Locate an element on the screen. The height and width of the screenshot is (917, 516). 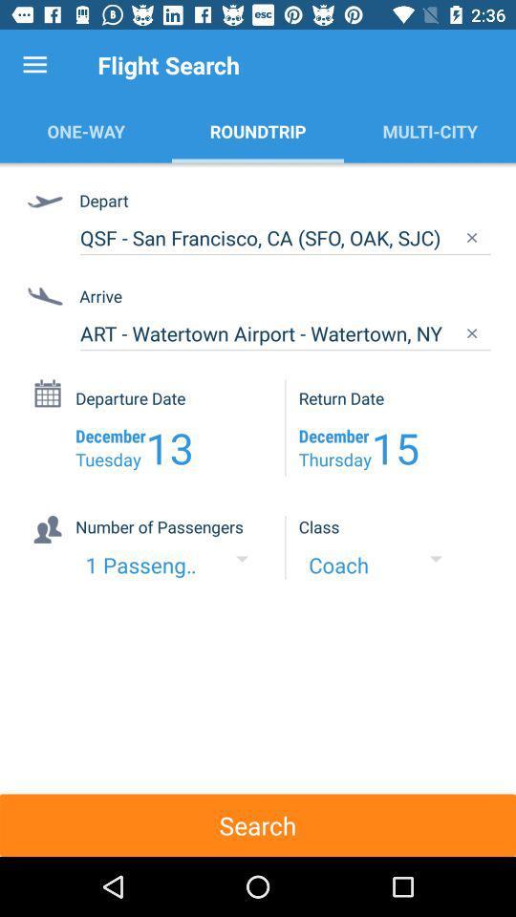
item below arrive icon is located at coordinates (284, 333).